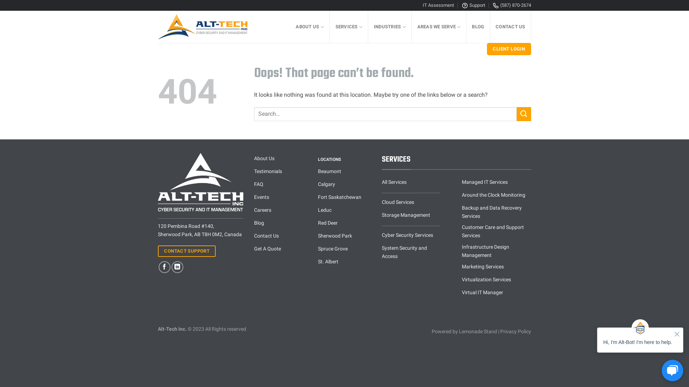 The width and height of the screenshot is (689, 387). What do you see at coordinates (411, 203) in the screenshot?
I see `'Cloud Services'` at bounding box center [411, 203].